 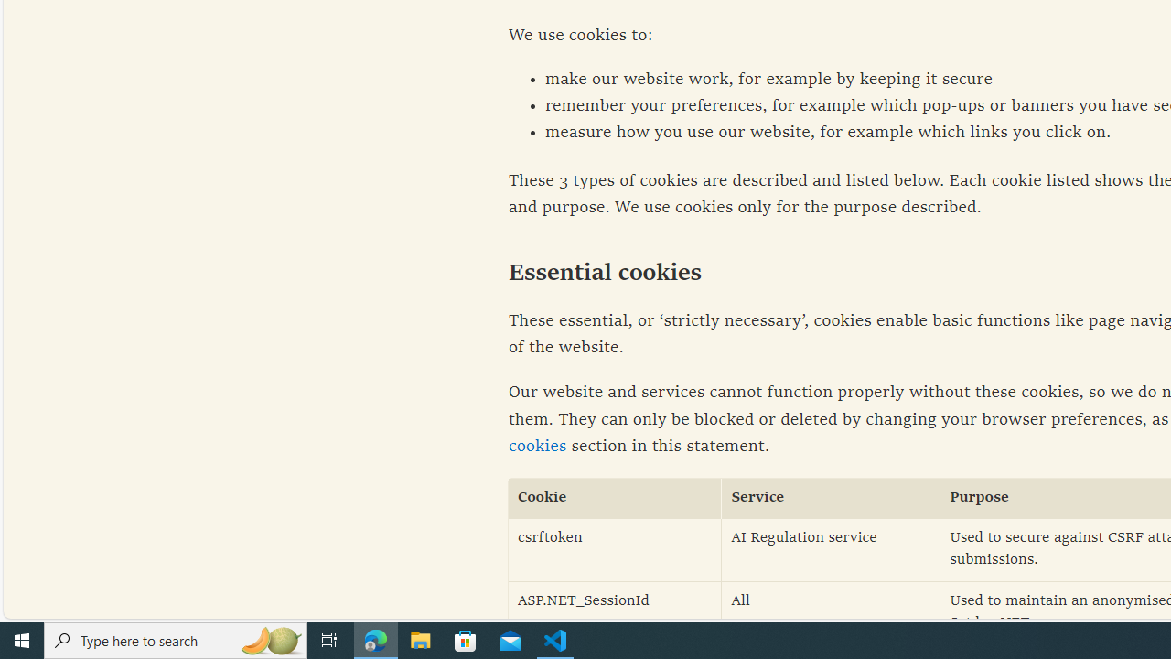 What do you see at coordinates (830, 548) in the screenshot?
I see `'AI Regulation service'` at bounding box center [830, 548].